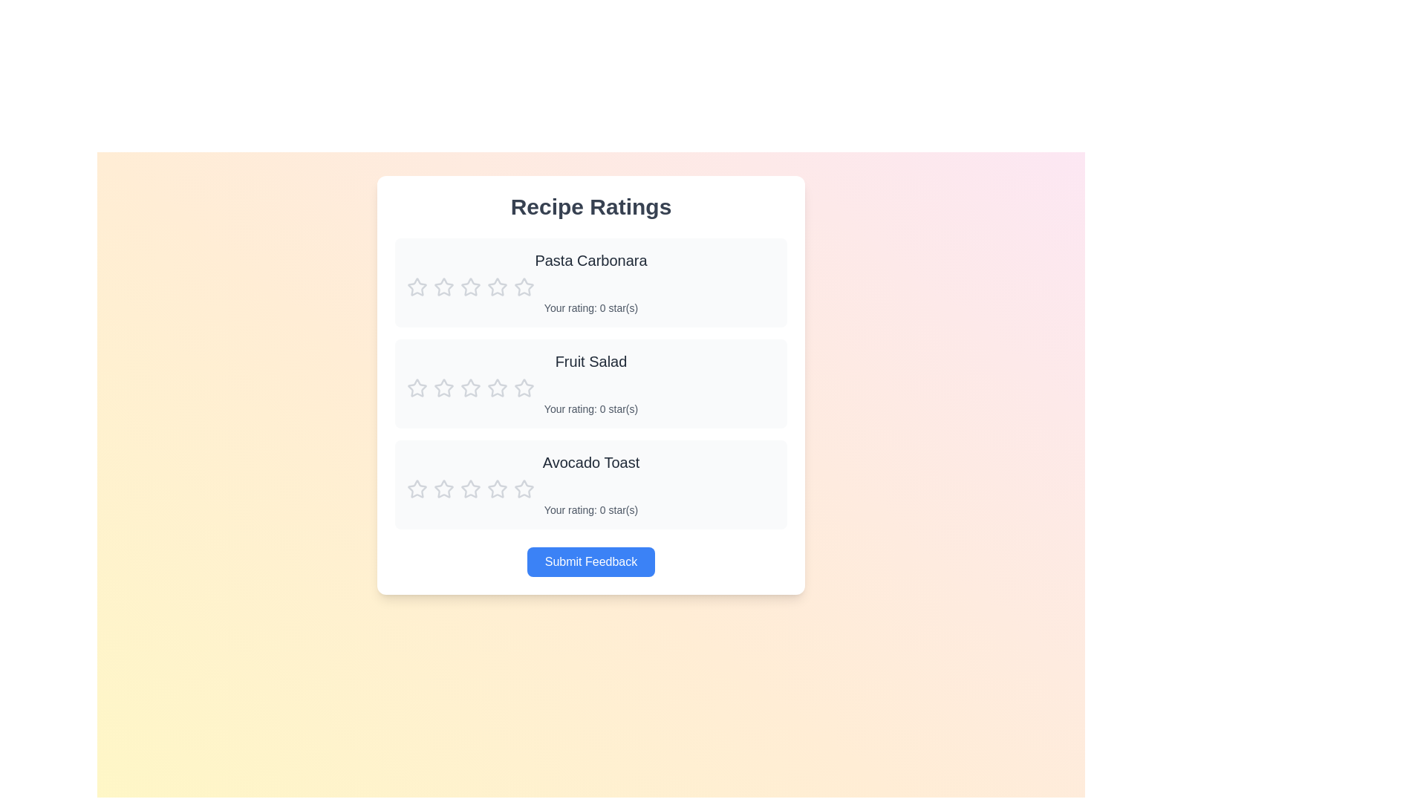 This screenshot has height=802, width=1426. Describe the element at coordinates (498, 387) in the screenshot. I see `the first rating star icon for 'Fruit Salad', which is a hollow gray star icon in the second rating section` at that location.